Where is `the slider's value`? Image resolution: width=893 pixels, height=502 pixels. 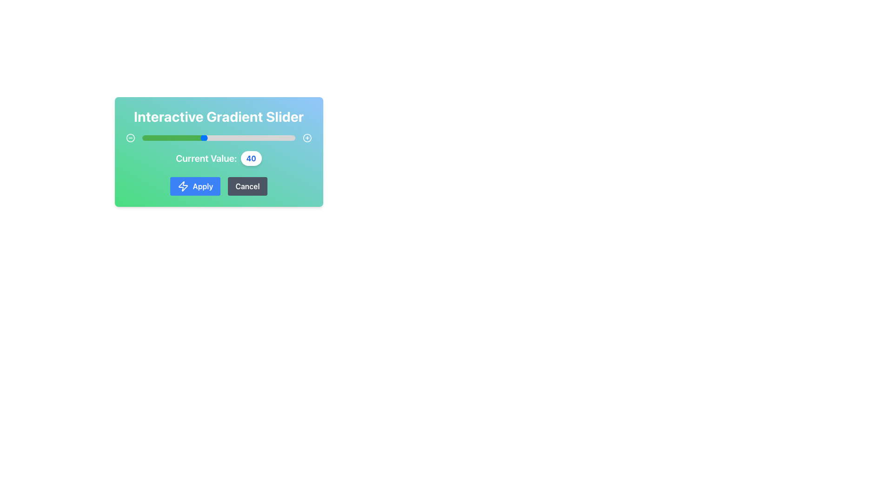
the slider's value is located at coordinates (145, 138).